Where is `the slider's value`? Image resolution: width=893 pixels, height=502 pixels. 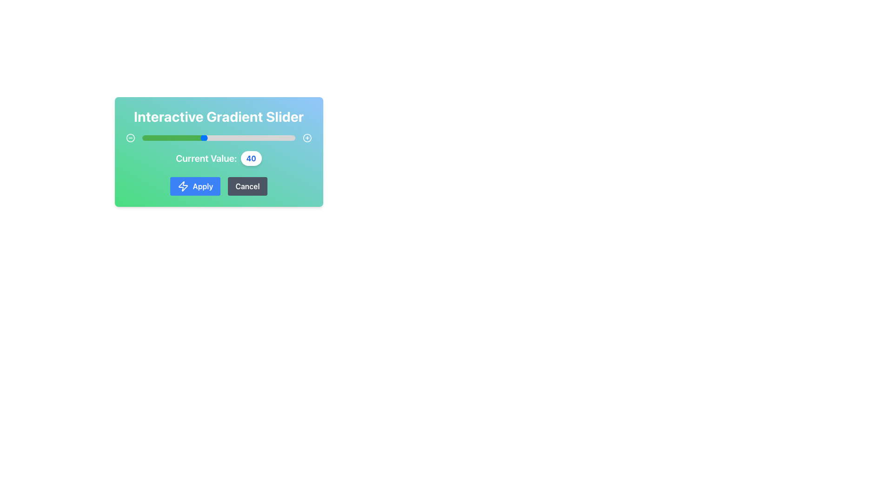
the slider's value is located at coordinates (145, 138).